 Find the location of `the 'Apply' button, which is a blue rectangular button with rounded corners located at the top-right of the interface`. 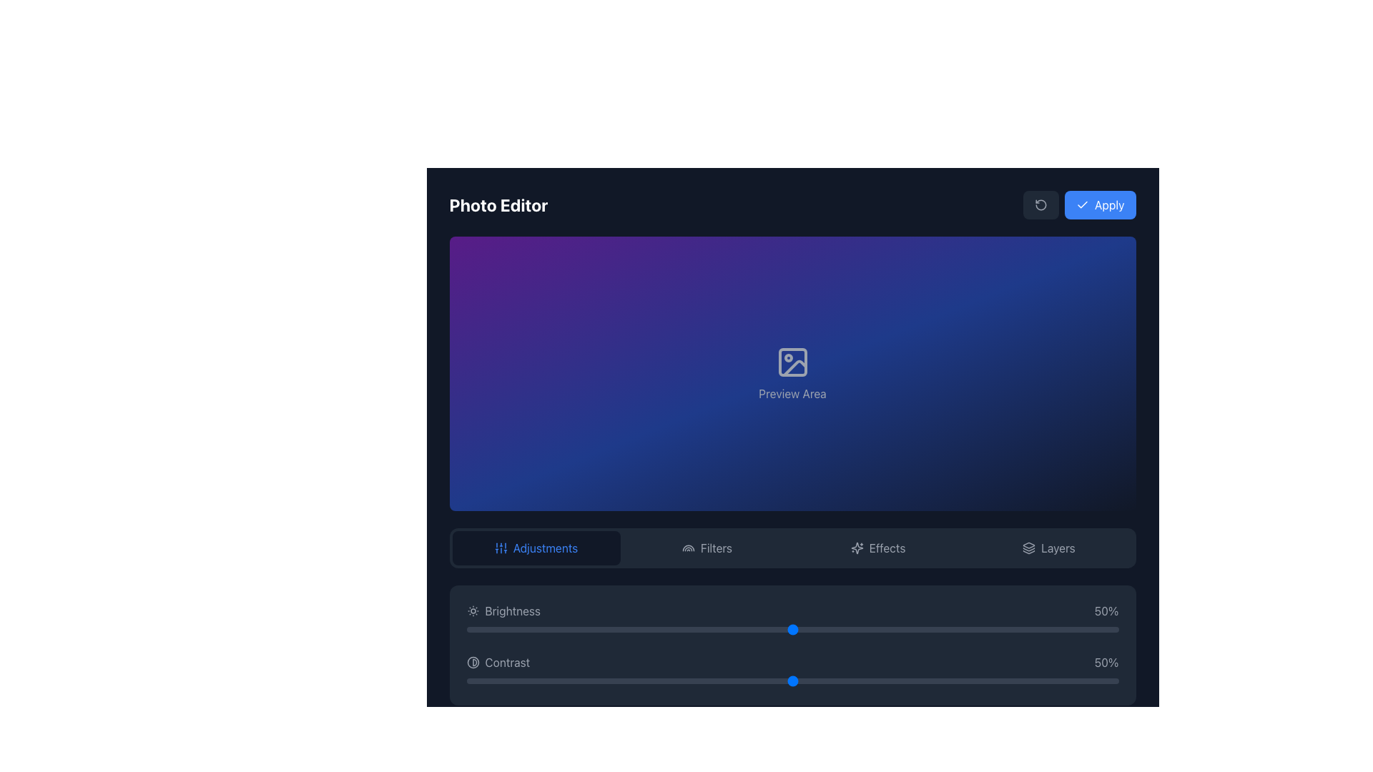

the 'Apply' button, which is a blue rectangular button with rounded corners located at the top-right of the interface is located at coordinates (1099, 204).